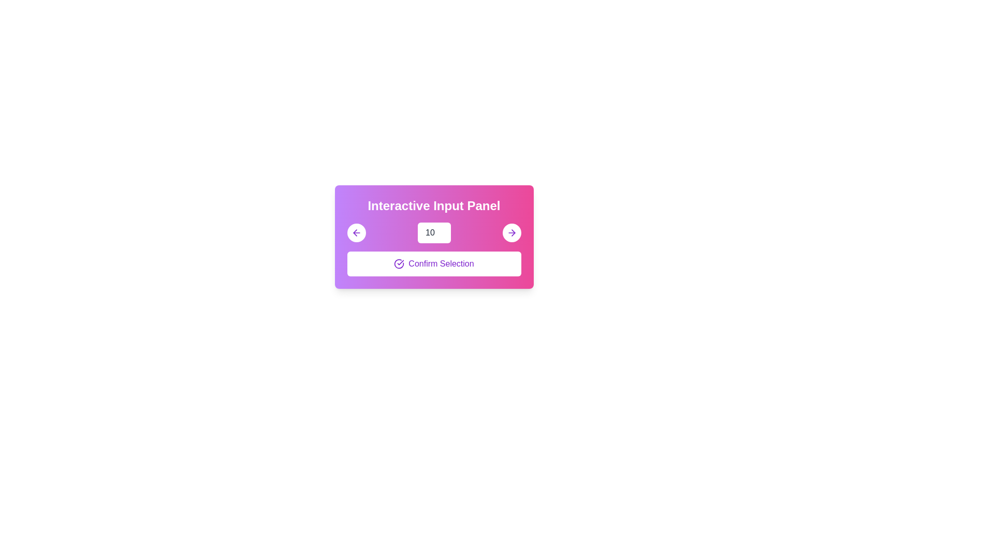  Describe the element at coordinates (434, 263) in the screenshot. I see `the 'Confirm Selection' button which has purple text on a white background and a circular checkmark icon` at that location.